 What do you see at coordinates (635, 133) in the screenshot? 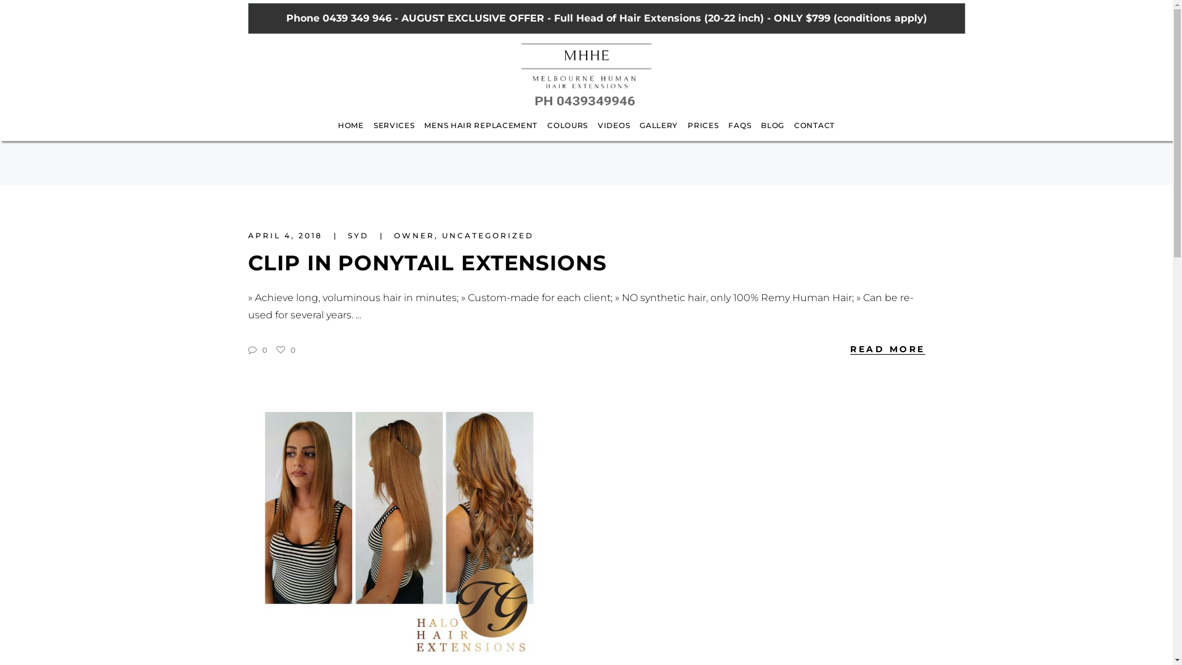
I see `'GALLERY'` at bounding box center [635, 133].